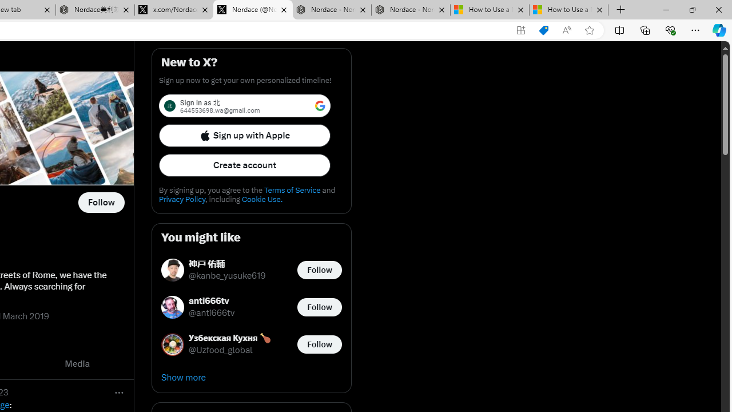 The width and height of the screenshot is (732, 412). Describe the element at coordinates (261, 199) in the screenshot. I see `'Cookie Use.'` at that location.